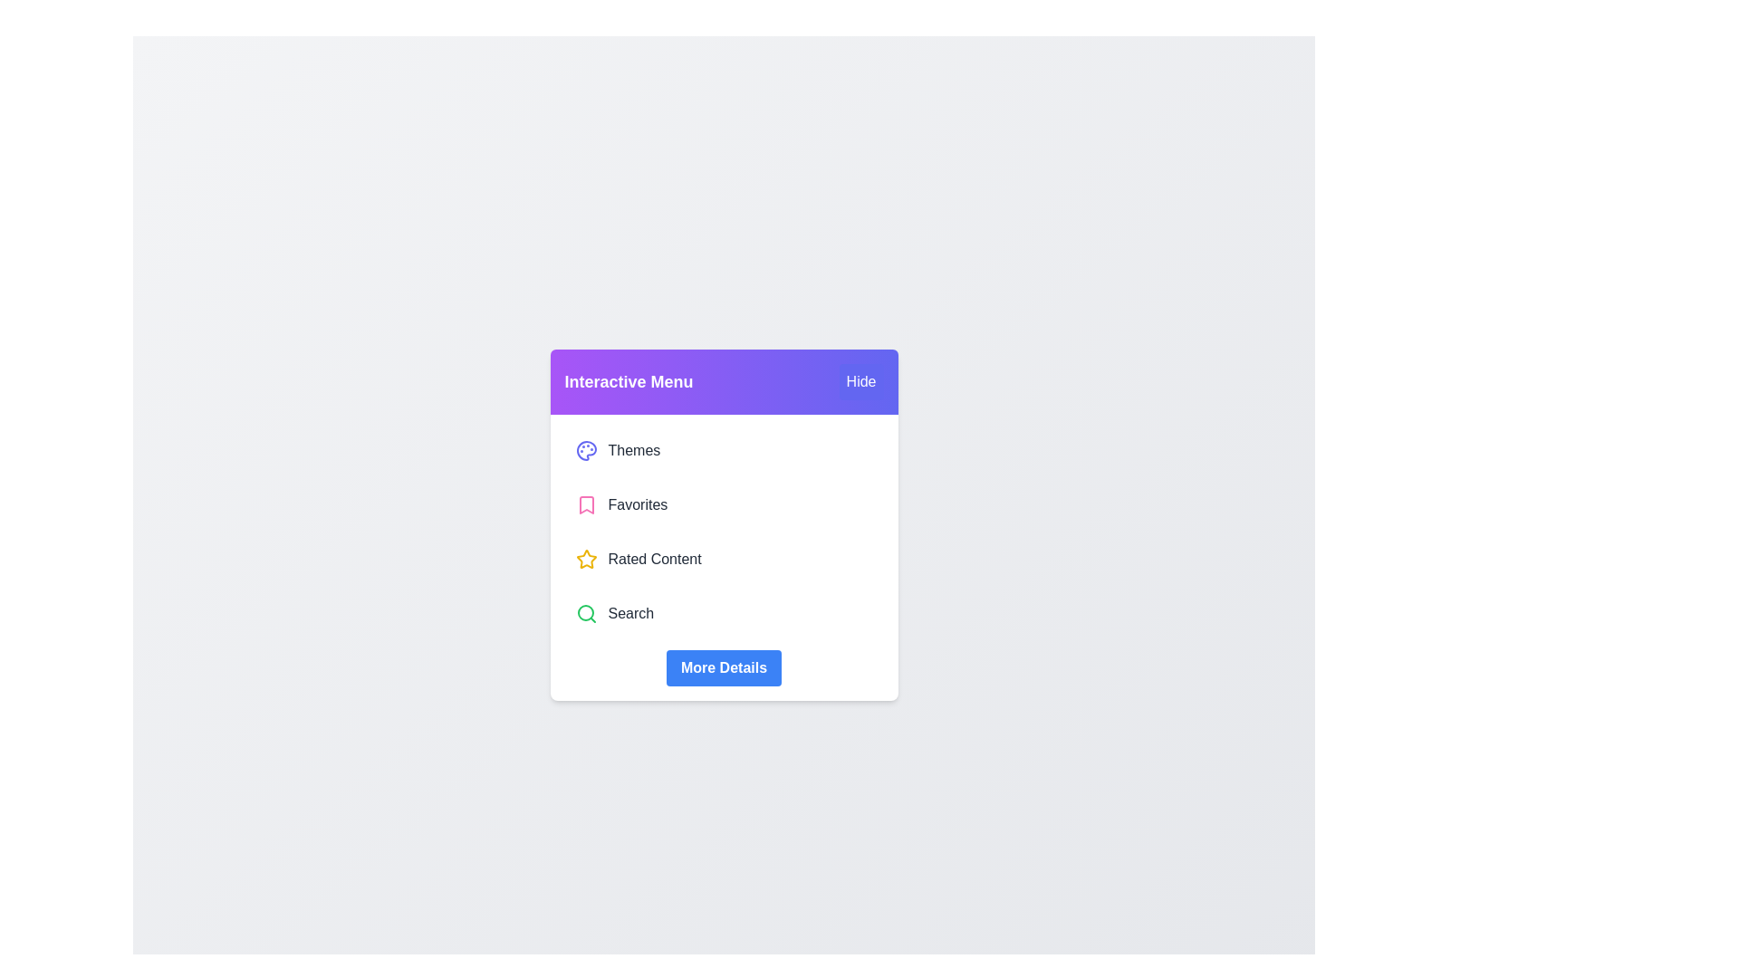 The height and width of the screenshot is (978, 1739). What do you see at coordinates (723, 449) in the screenshot?
I see `the menu item labeled Themes` at bounding box center [723, 449].